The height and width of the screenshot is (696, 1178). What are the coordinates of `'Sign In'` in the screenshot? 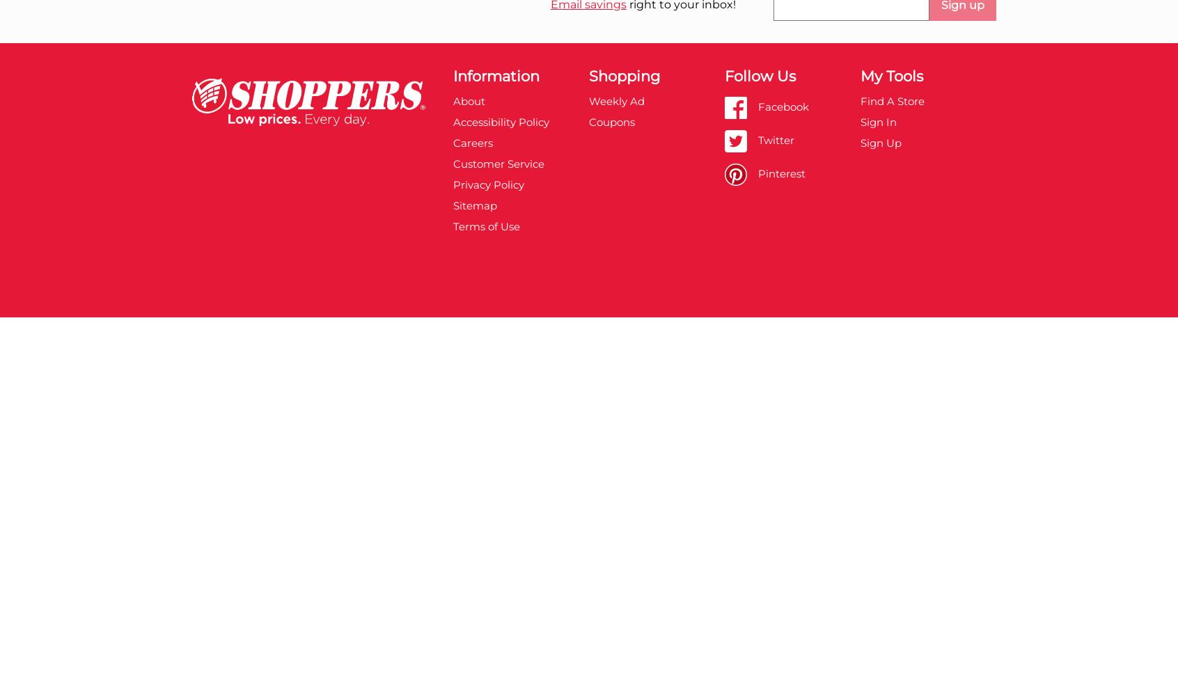 It's located at (878, 121).